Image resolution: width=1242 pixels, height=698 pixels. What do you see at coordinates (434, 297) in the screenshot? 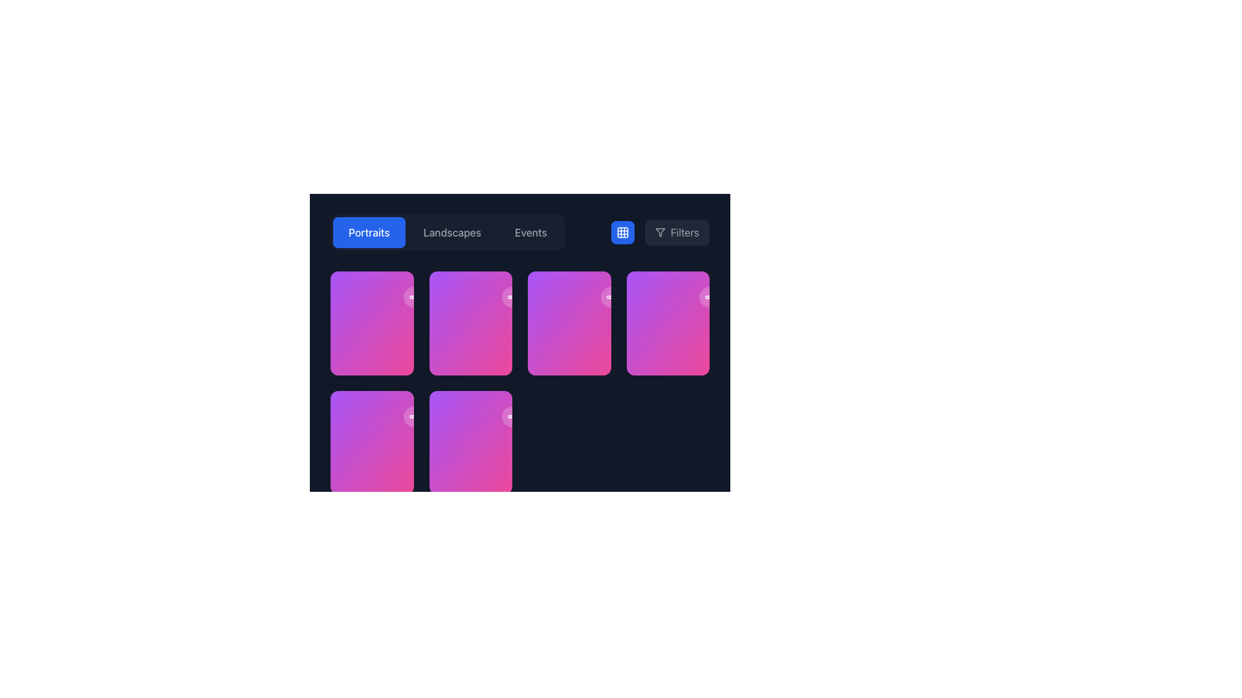
I see `the action button located in the top-right corner of the second card in the uppermost row of a grid layout, which serves the function of bookmarking or adding content` at bounding box center [434, 297].